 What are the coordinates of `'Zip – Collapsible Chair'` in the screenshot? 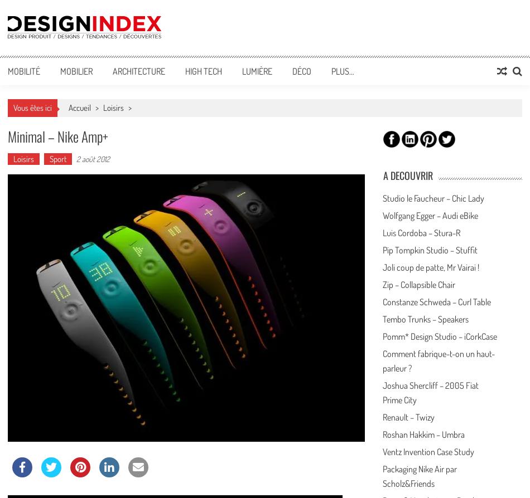 It's located at (418, 284).